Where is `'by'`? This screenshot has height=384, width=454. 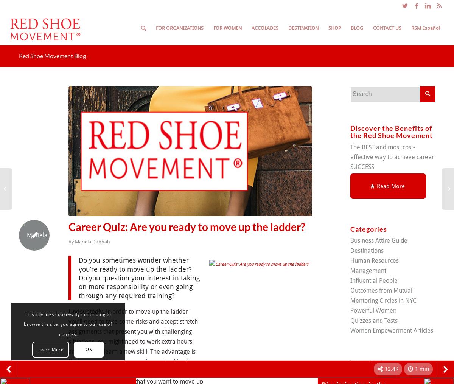 'by' is located at coordinates (68, 241).